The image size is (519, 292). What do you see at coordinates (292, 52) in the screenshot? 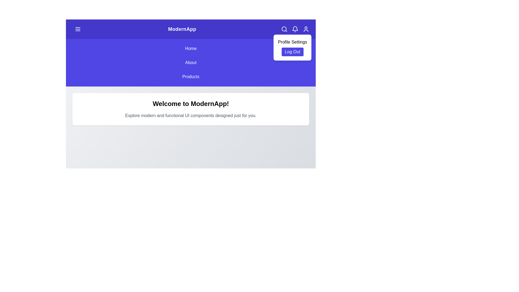
I see `the 'Log Out' button to log out of the application` at bounding box center [292, 52].